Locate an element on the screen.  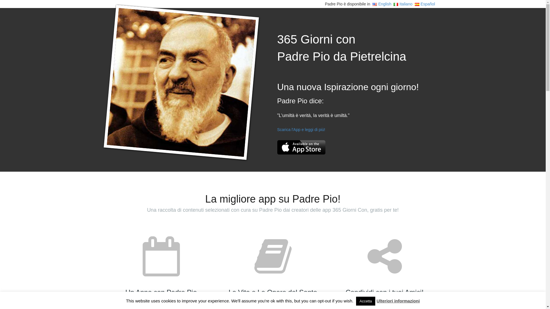
'Italiano' is located at coordinates (402, 4).